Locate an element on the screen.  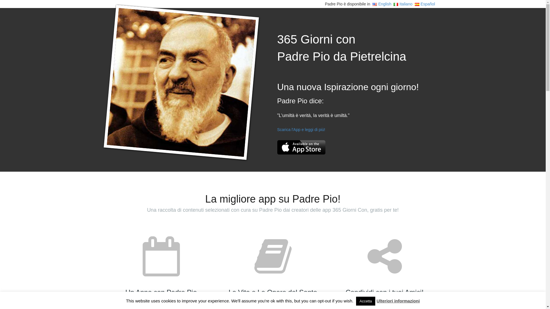
'Italiano' is located at coordinates (402, 4).